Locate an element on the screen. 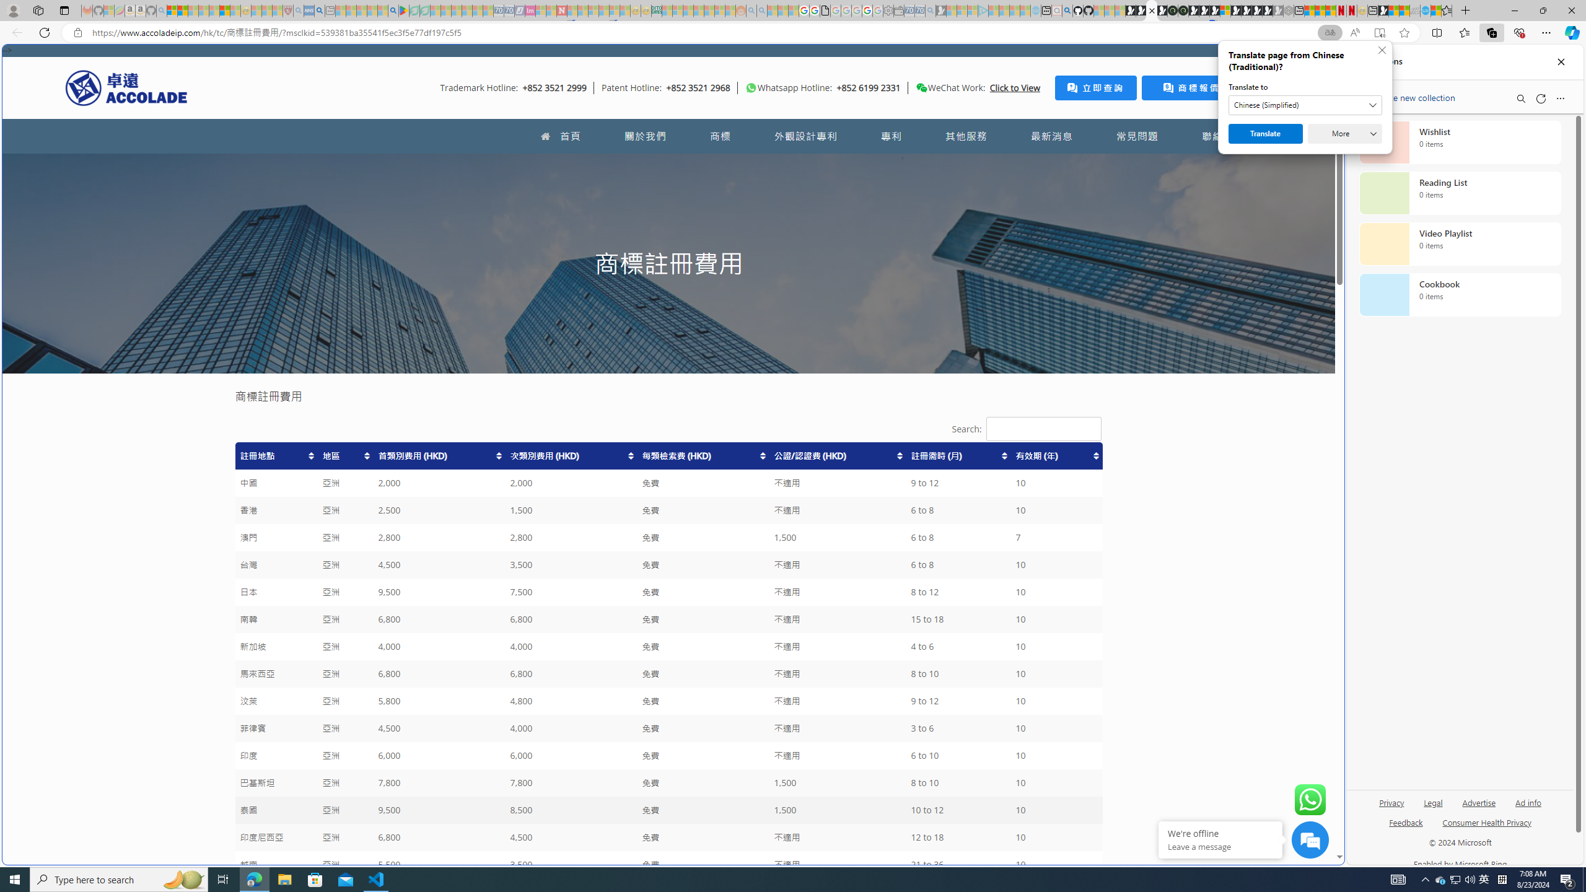 The image size is (1586, 892). '5,800' is located at coordinates (439, 701).